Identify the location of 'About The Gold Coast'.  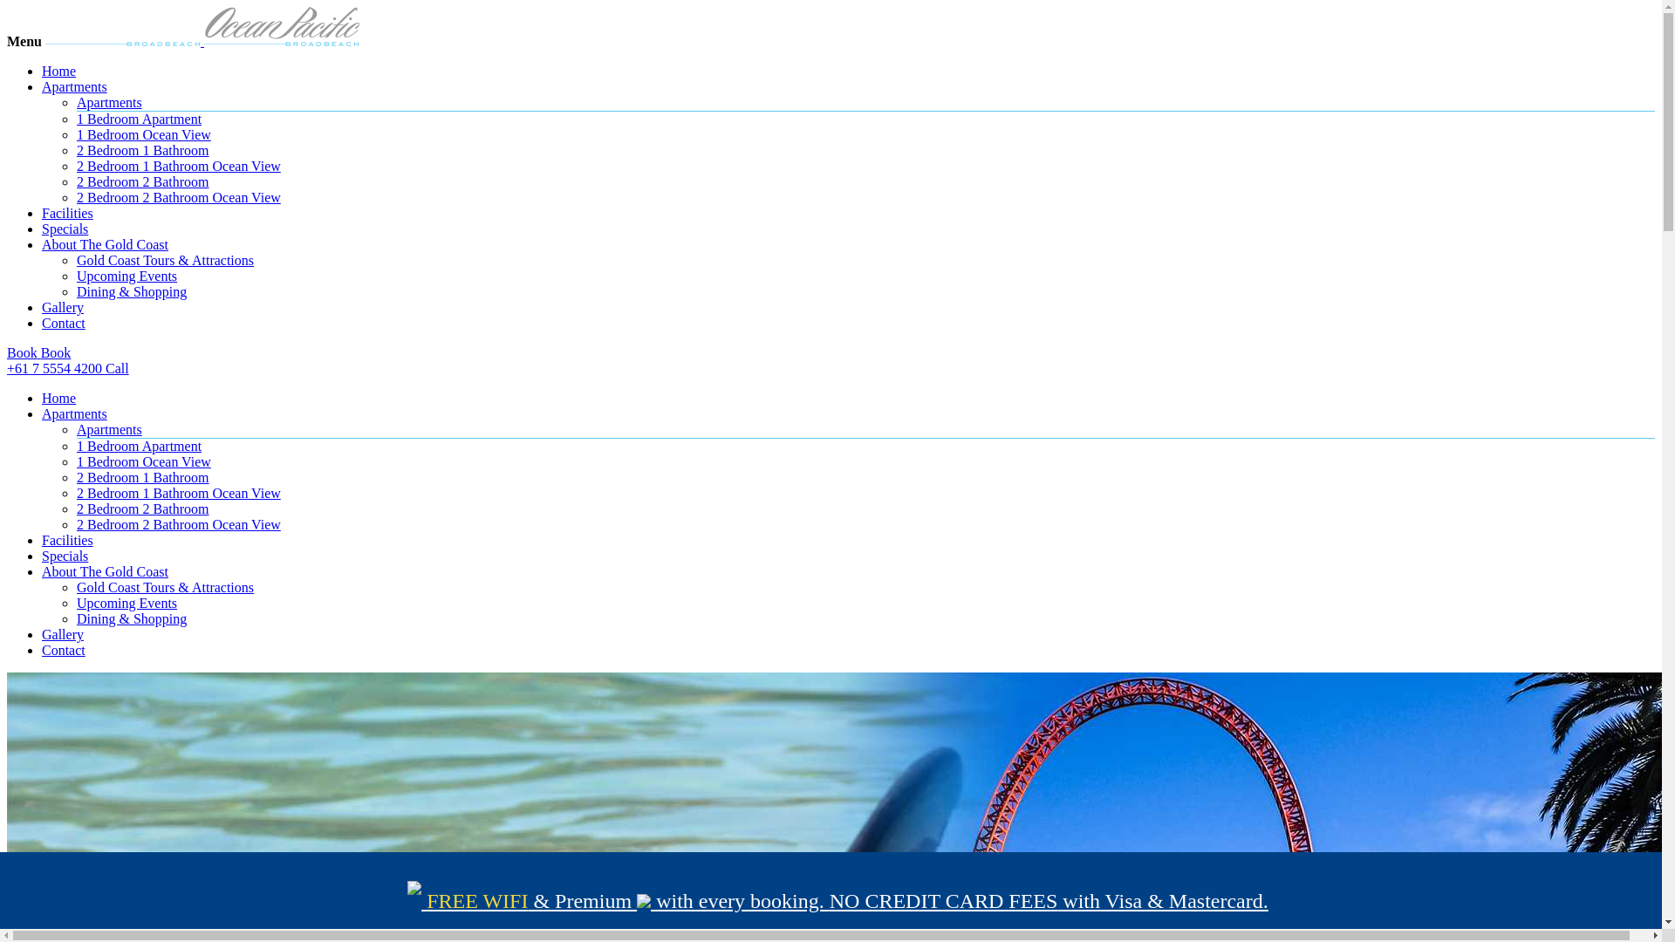
(104, 244).